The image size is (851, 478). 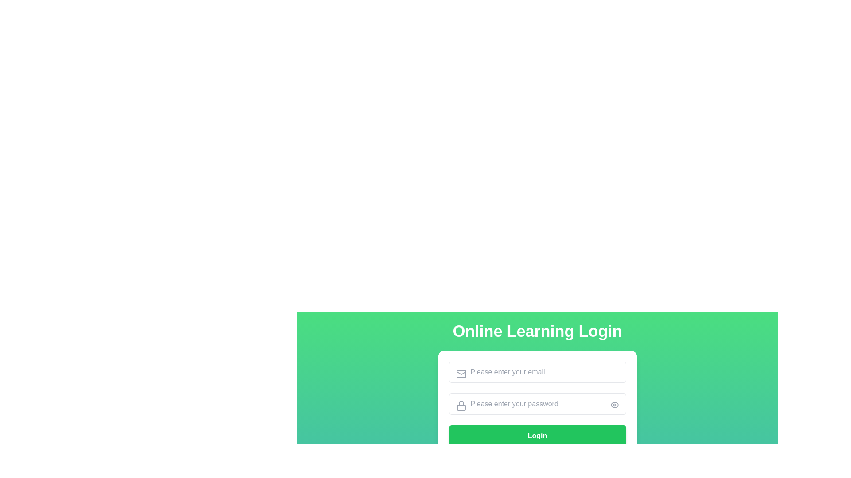 I want to click on the eye icon adjacent to the Password Input Field to toggle password visibility, so click(x=537, y=404).